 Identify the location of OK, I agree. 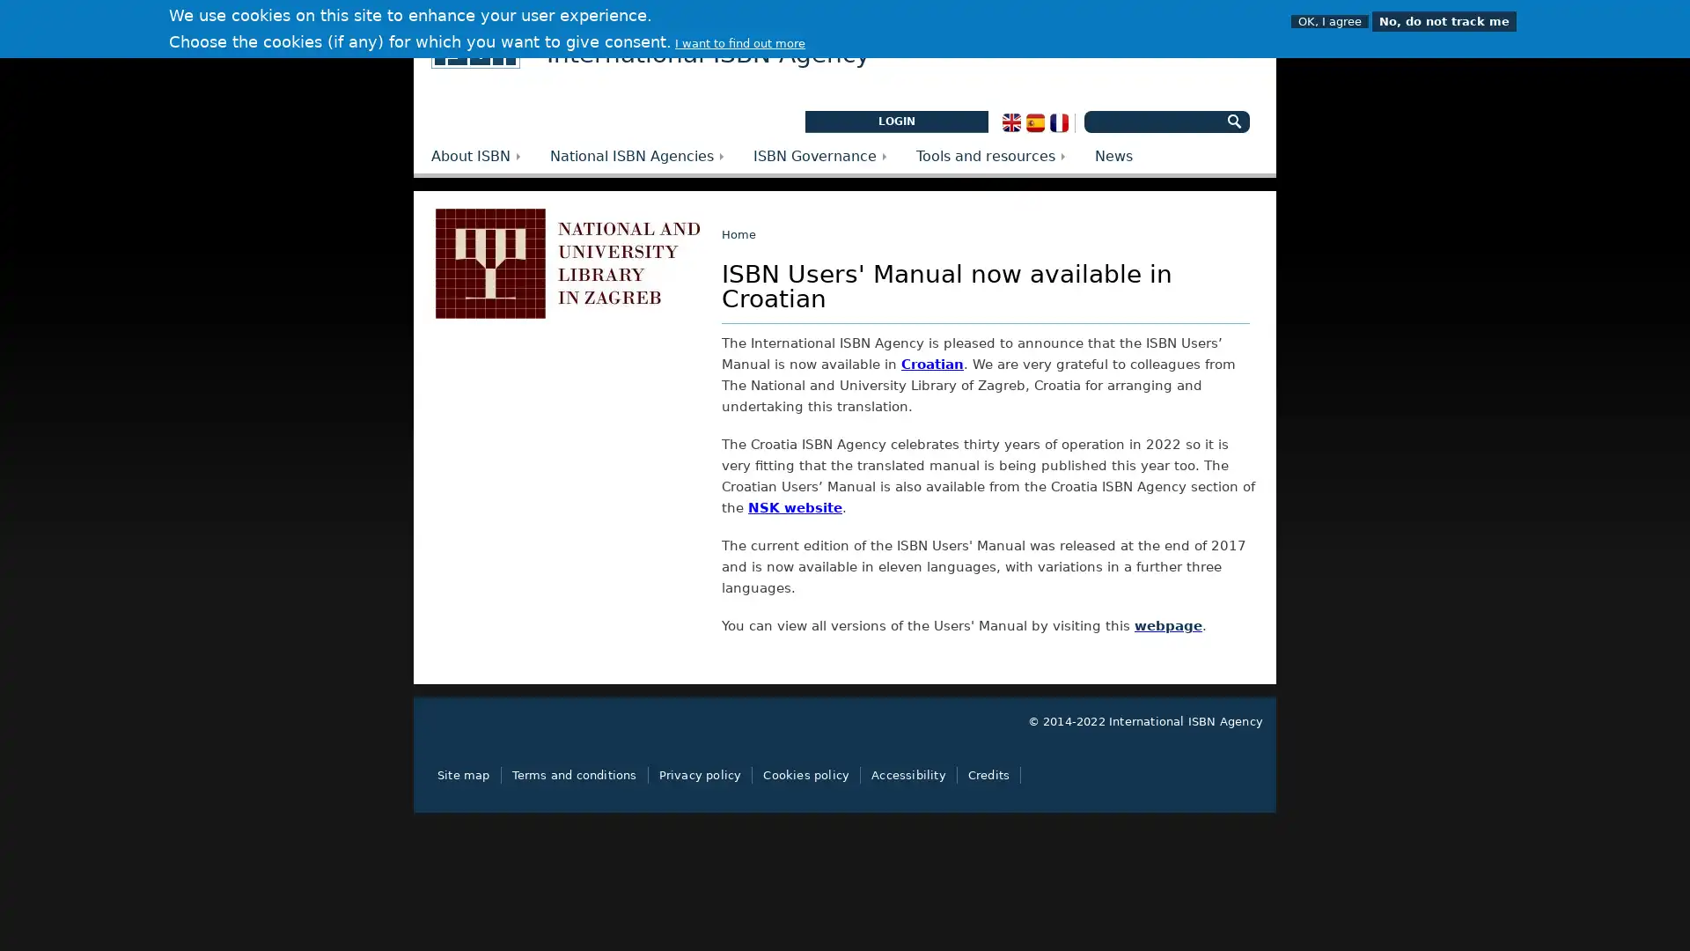
(1330, 21).